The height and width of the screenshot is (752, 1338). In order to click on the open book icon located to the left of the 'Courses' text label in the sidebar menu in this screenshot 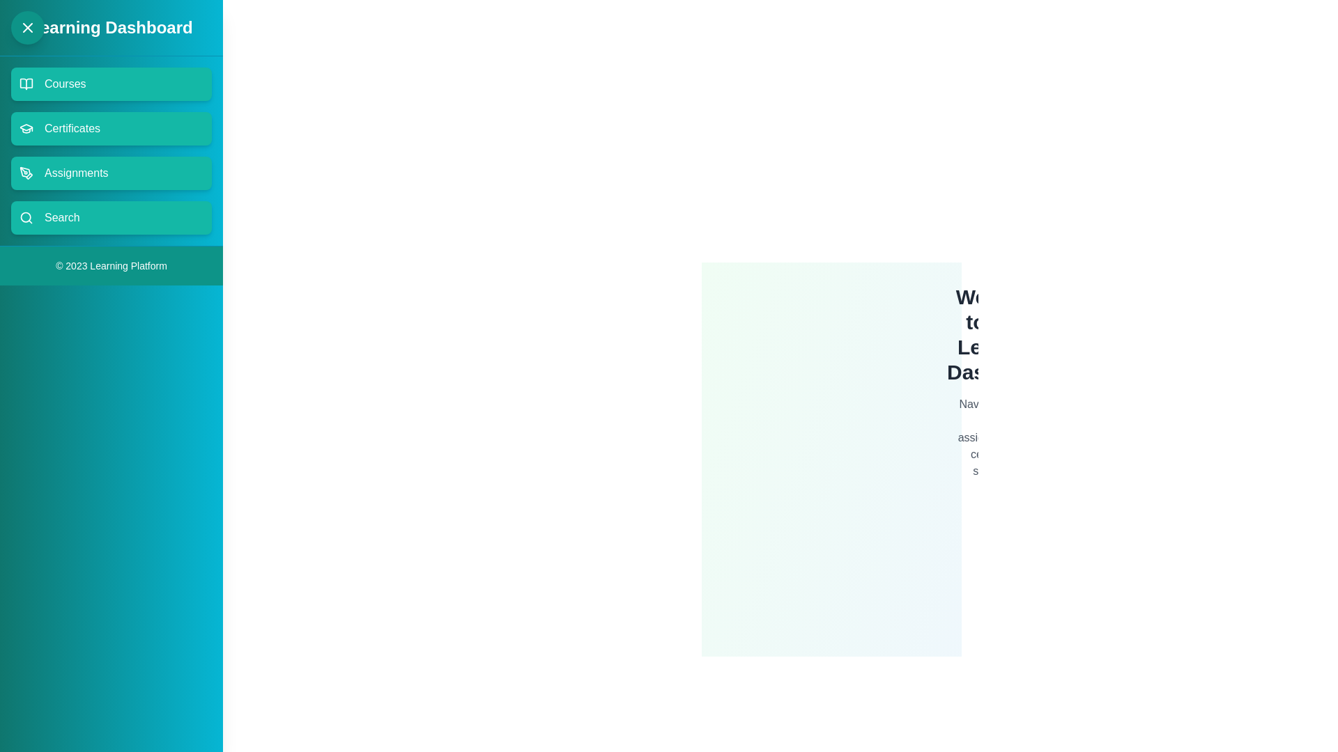, I will do `click(26, 84)`.